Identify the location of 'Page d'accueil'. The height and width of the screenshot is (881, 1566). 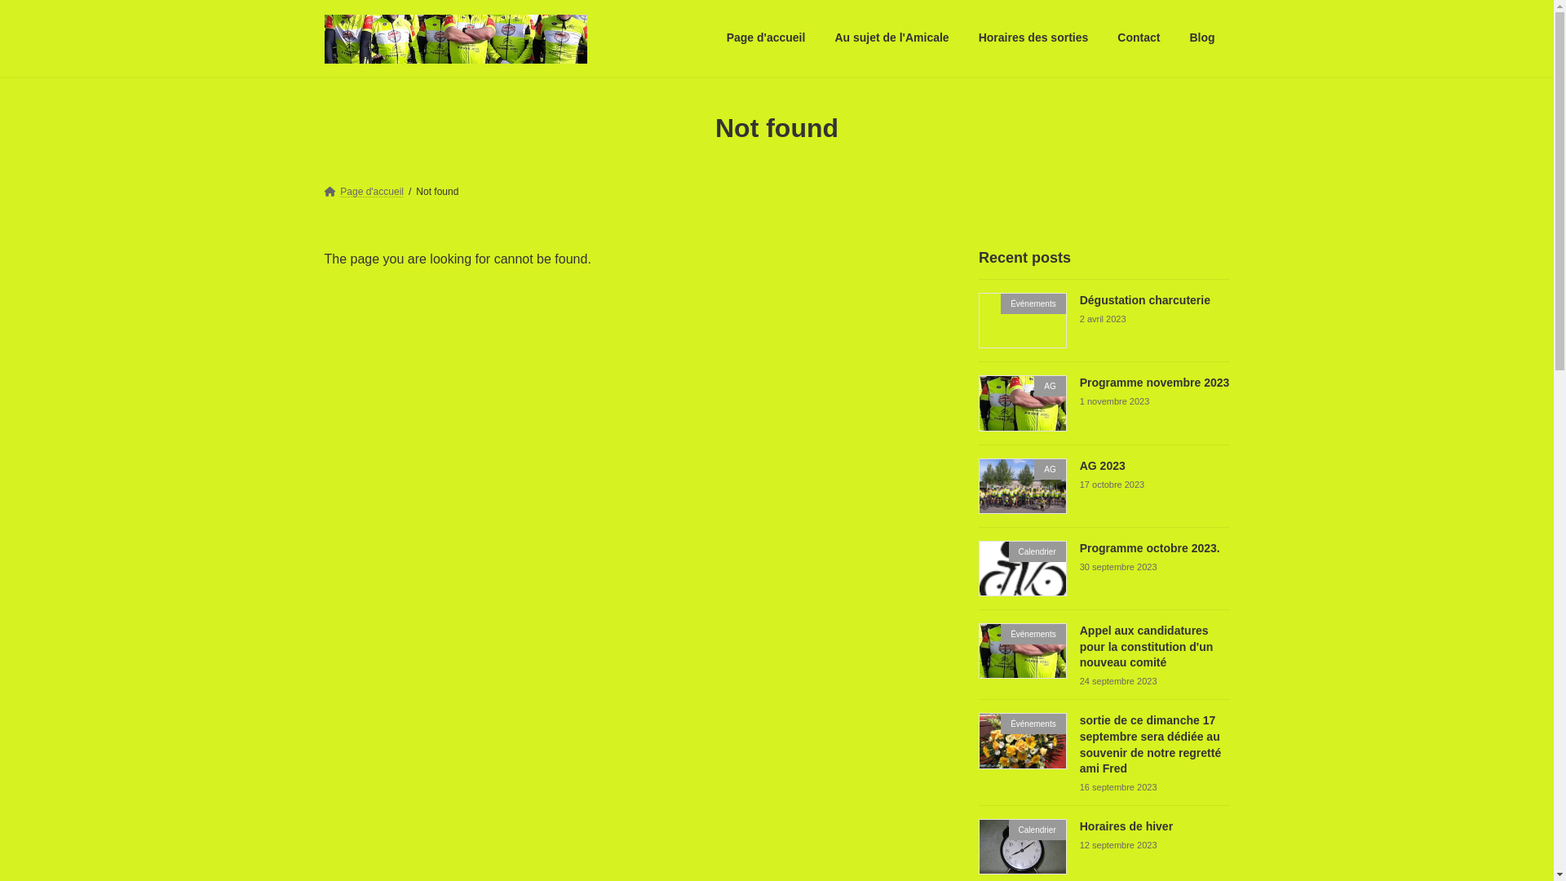
(325, 191).